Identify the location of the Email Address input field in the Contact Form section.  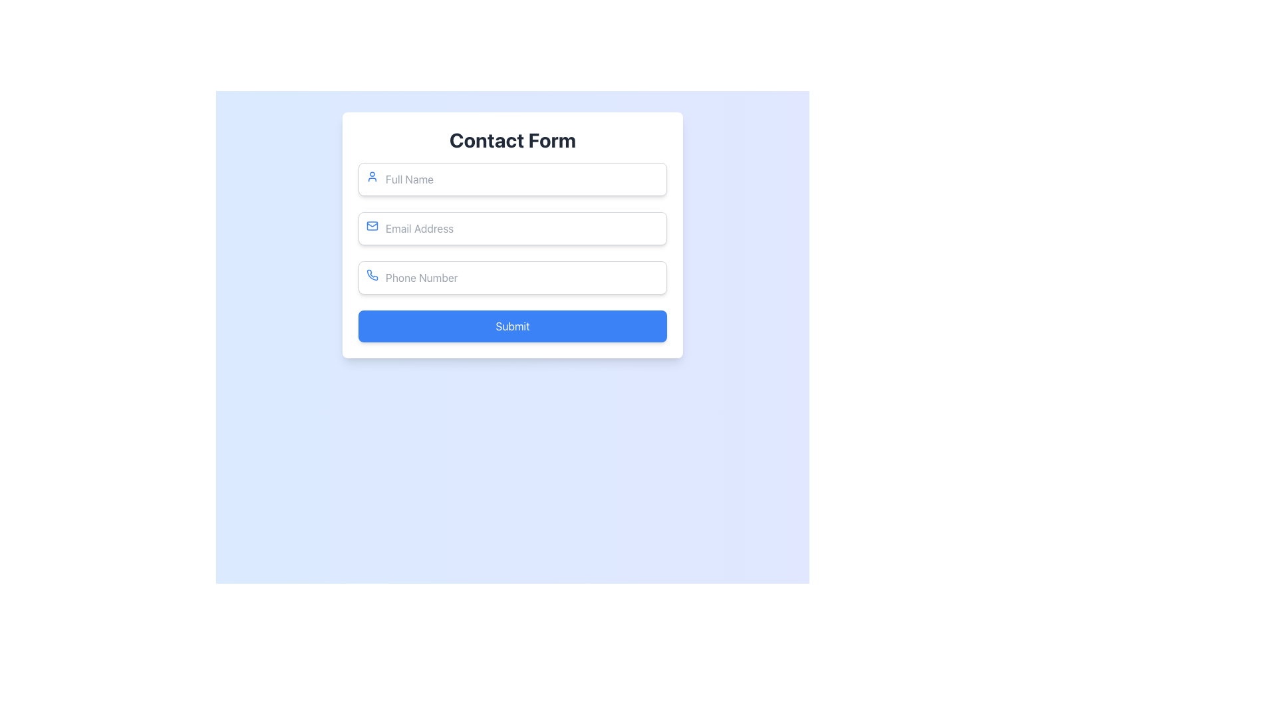
(512, 235).